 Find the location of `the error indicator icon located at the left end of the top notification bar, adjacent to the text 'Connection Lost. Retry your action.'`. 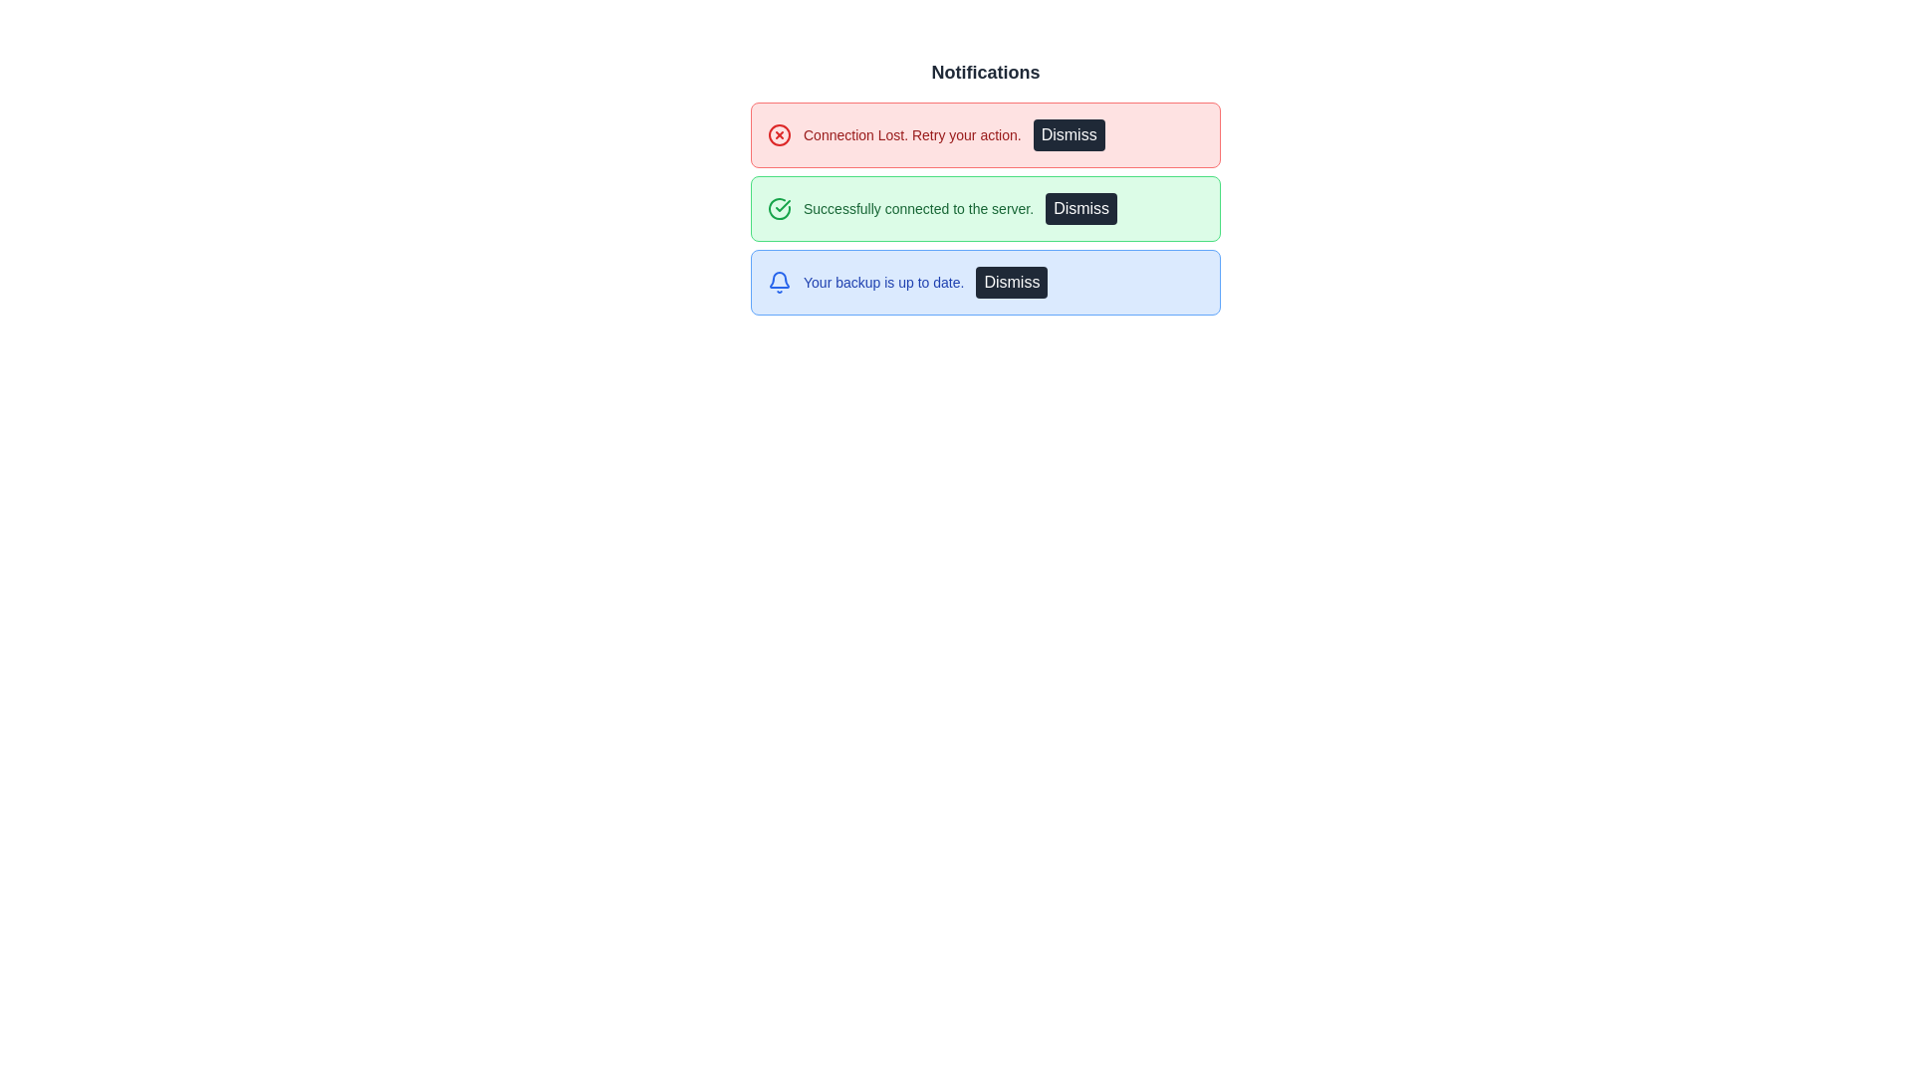

the error indicator icon located at the left end of the top notification bar, adjacent to the text 'Connection Lost. Retry your action.' is located at coordinates (778, 134).